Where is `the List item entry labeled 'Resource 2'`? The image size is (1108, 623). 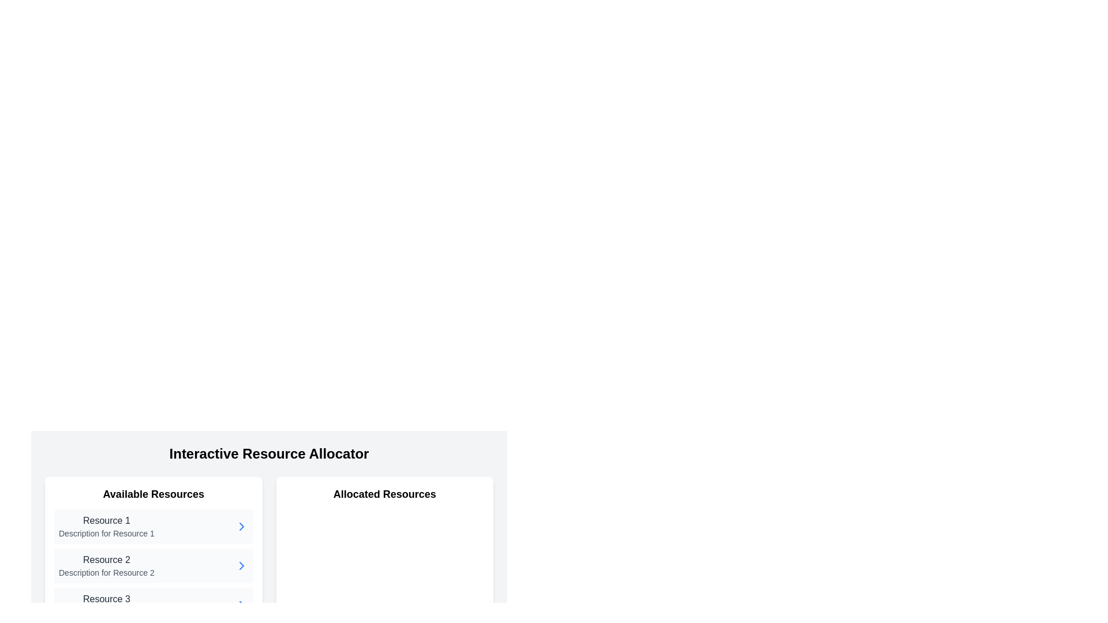
the List item entry labeled 'Resource 2' is located at coordinates (153, 565).